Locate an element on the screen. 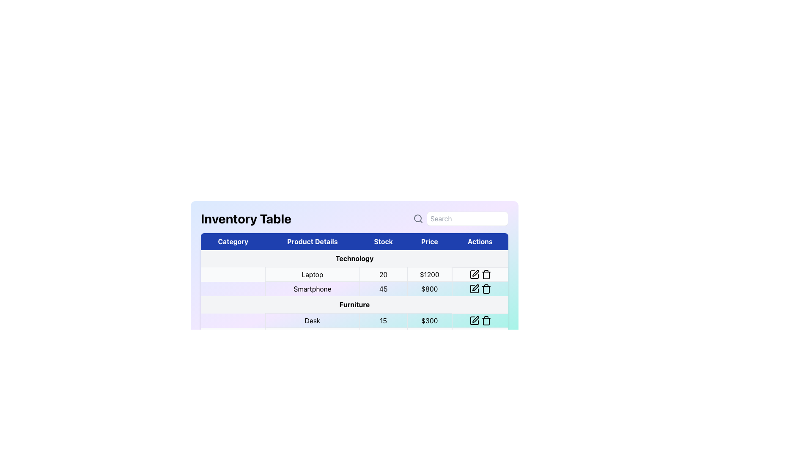  the trash bin icon button located in the last column of the 'Desk' row under the 'Furniture' category is located at coordinates (486, 320).